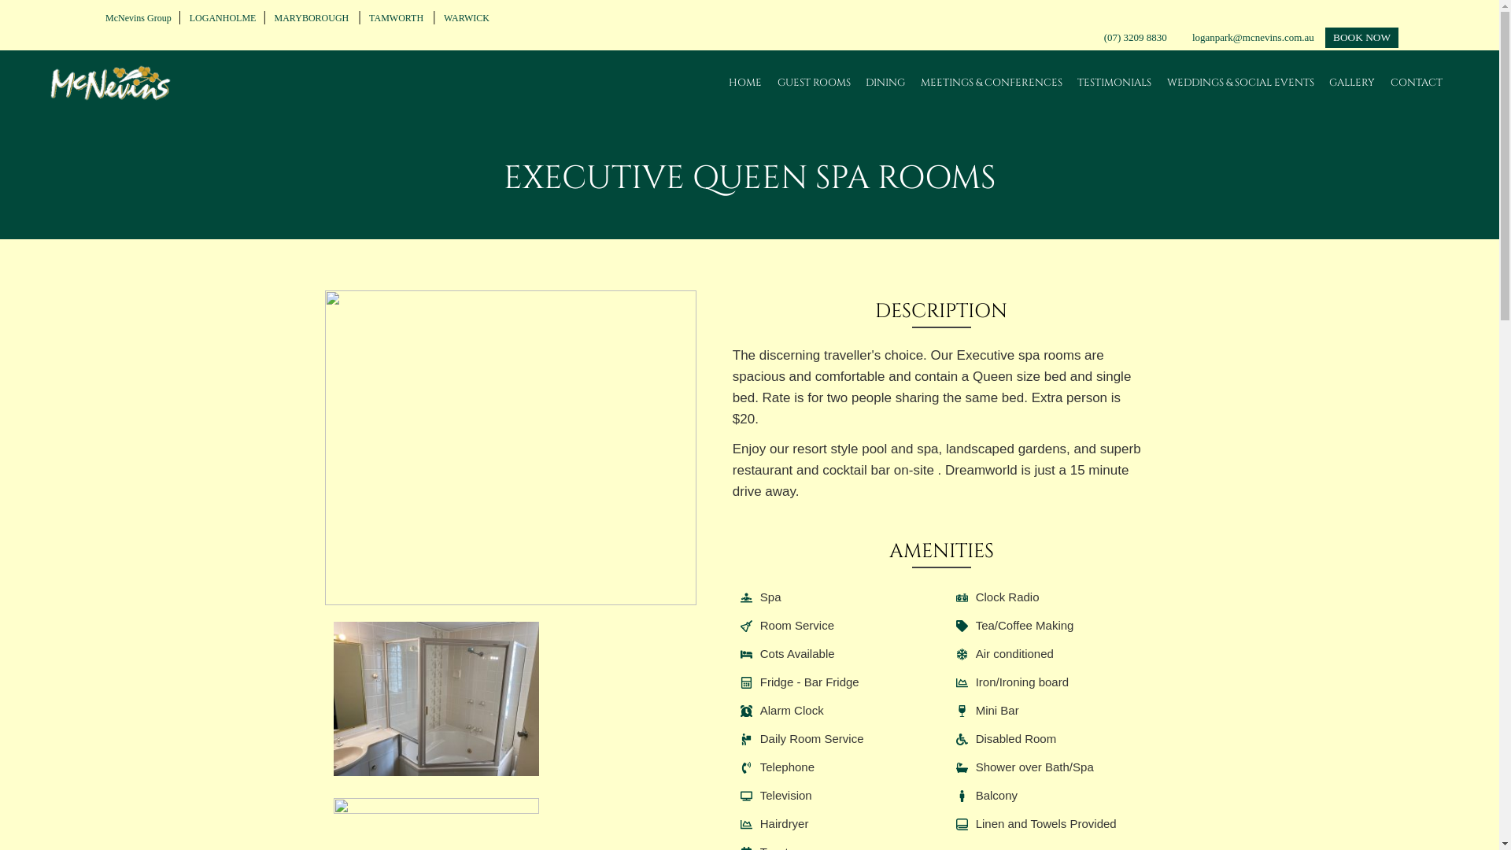 The image size is (1511, 850). What do you see at coordinates (885, 82) in the screenshot?
I see `'DINING'` at bounding box center [885, 82].